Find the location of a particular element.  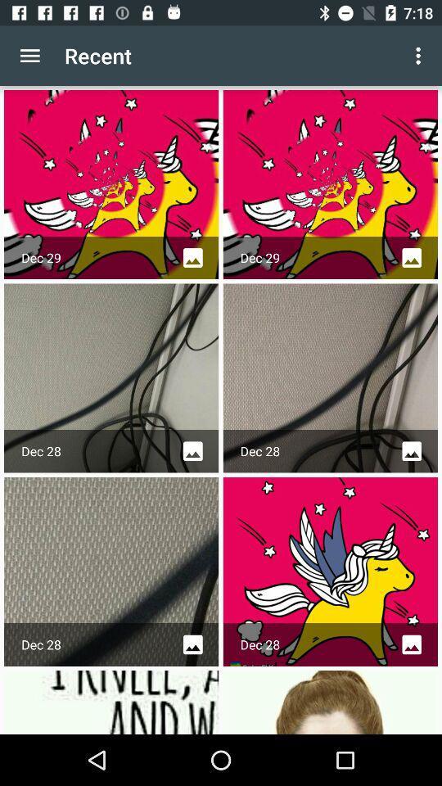

icon to the left of recent app is located at coordinates (29, 56).